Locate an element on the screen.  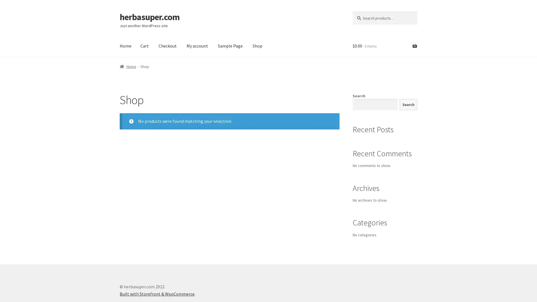
Search is located at coordinates (352, 11).